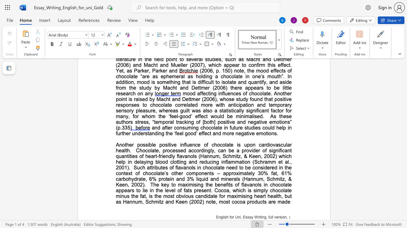 The height and width of the screenshot is (228, 407). I want to click on the 9th character "i" in the text, so click(225, 179).